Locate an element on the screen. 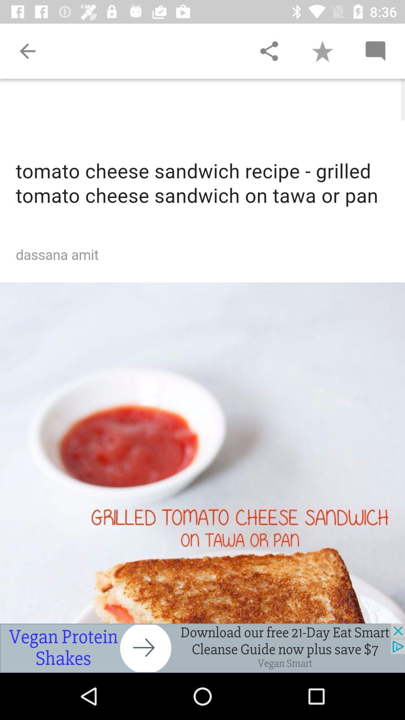  message is located at coordinates (375, 51).